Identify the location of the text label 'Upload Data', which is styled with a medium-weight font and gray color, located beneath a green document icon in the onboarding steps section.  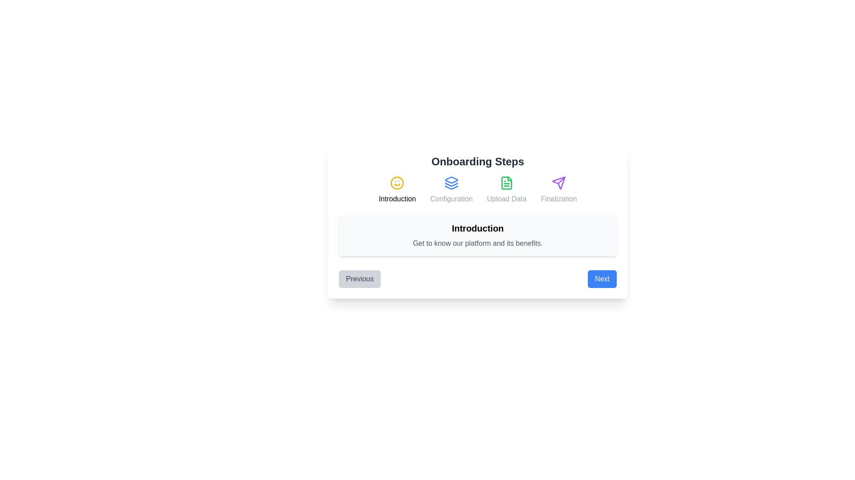
(506, 198).